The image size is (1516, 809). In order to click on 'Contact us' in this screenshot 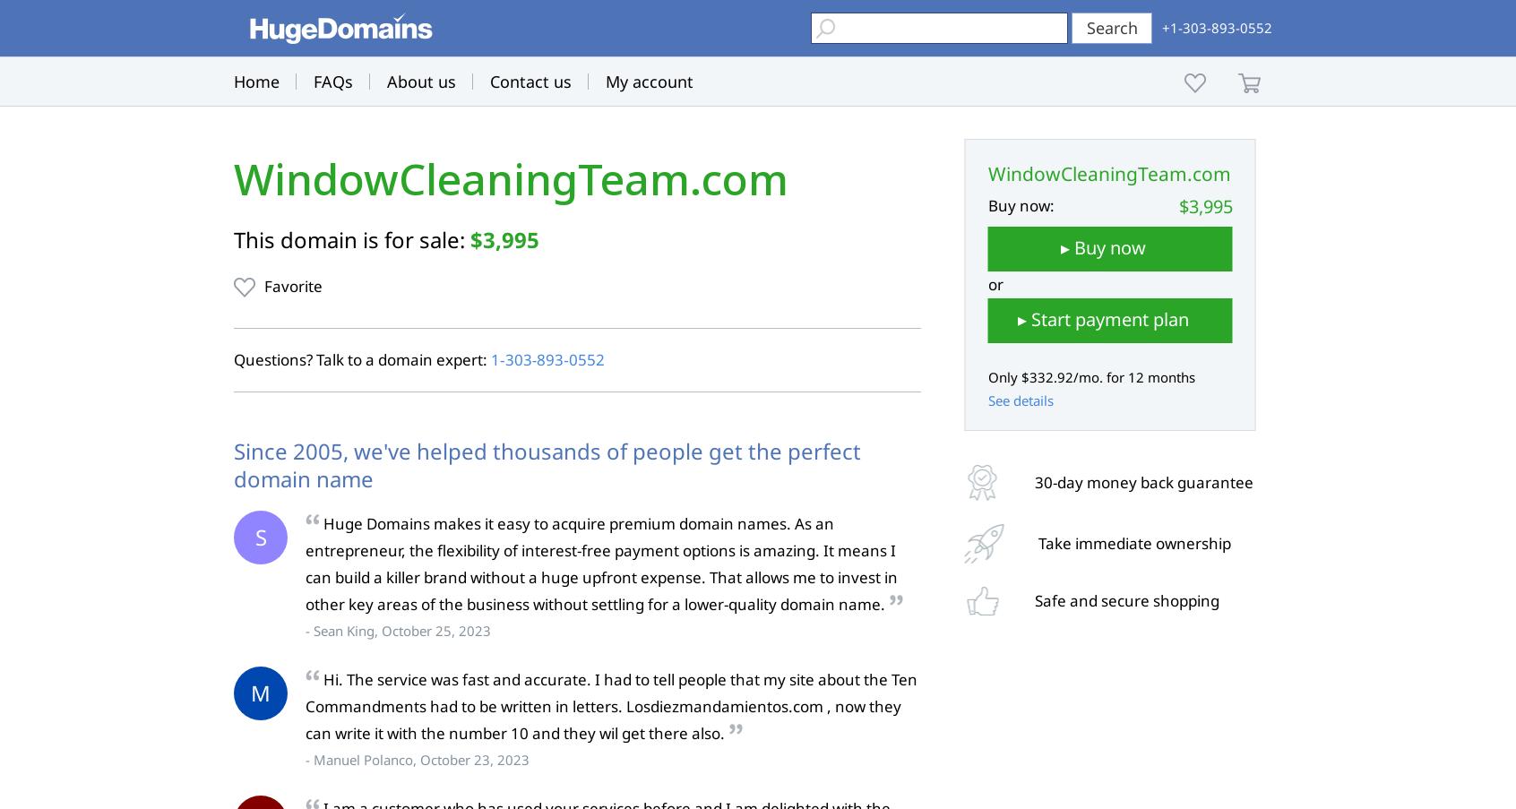, I will do `click(530, 82)`.